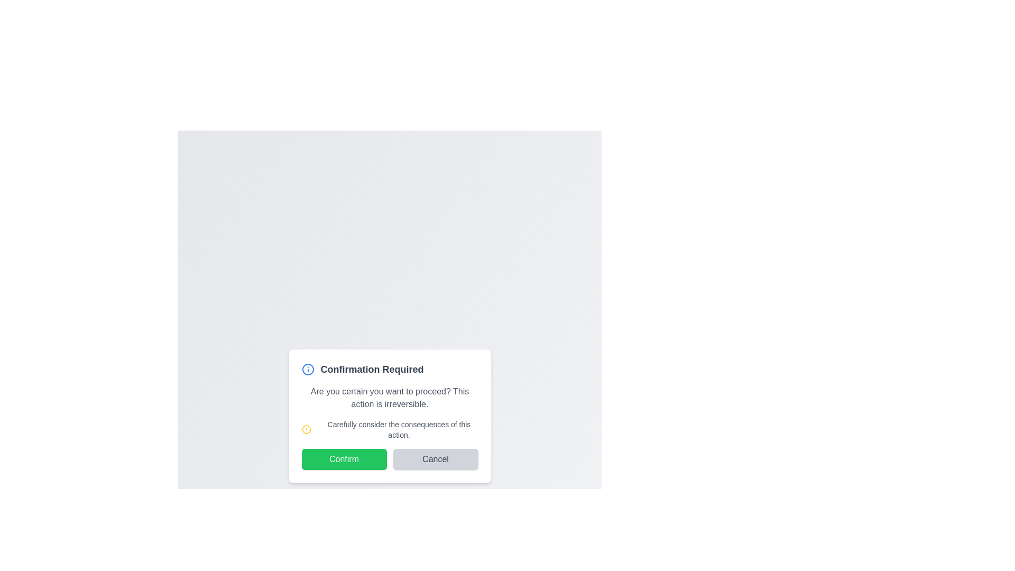 This screenshot has height=571, width=1015. I want to click on the 'Cancel' button, which is a rectangular button with dark gray text on a light gray background, located at the bottom-right of a confirmation dialog, so click(436, 458).